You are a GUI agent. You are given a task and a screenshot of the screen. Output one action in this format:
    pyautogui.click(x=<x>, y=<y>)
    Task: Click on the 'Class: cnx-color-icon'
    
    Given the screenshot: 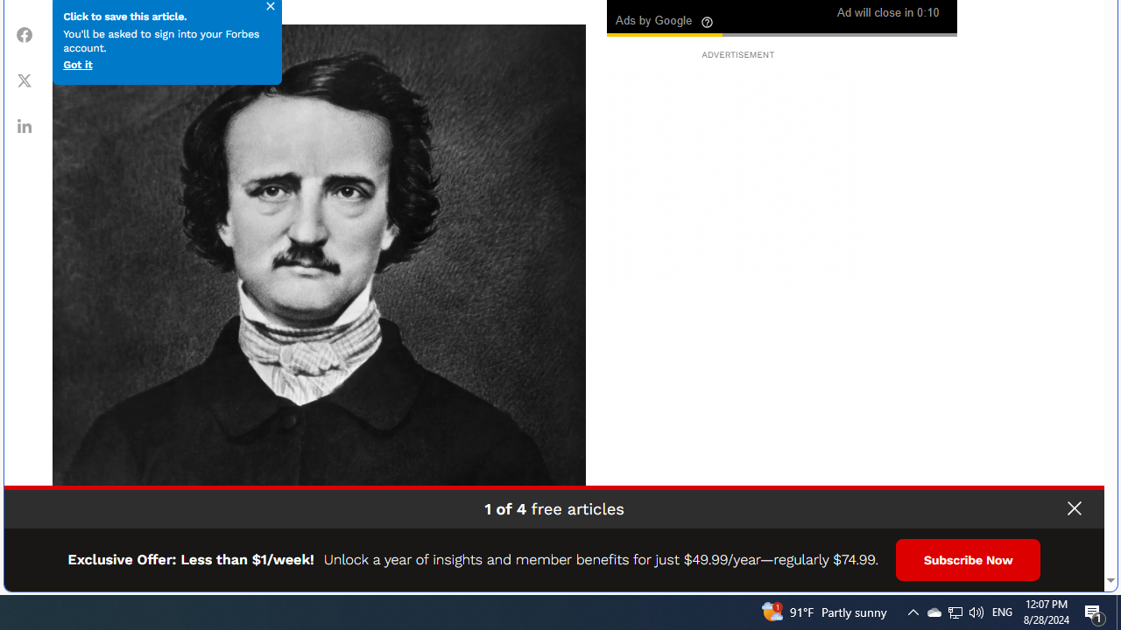 What is the action you would take?
    pyautogui.click(x=664, y=10)
    